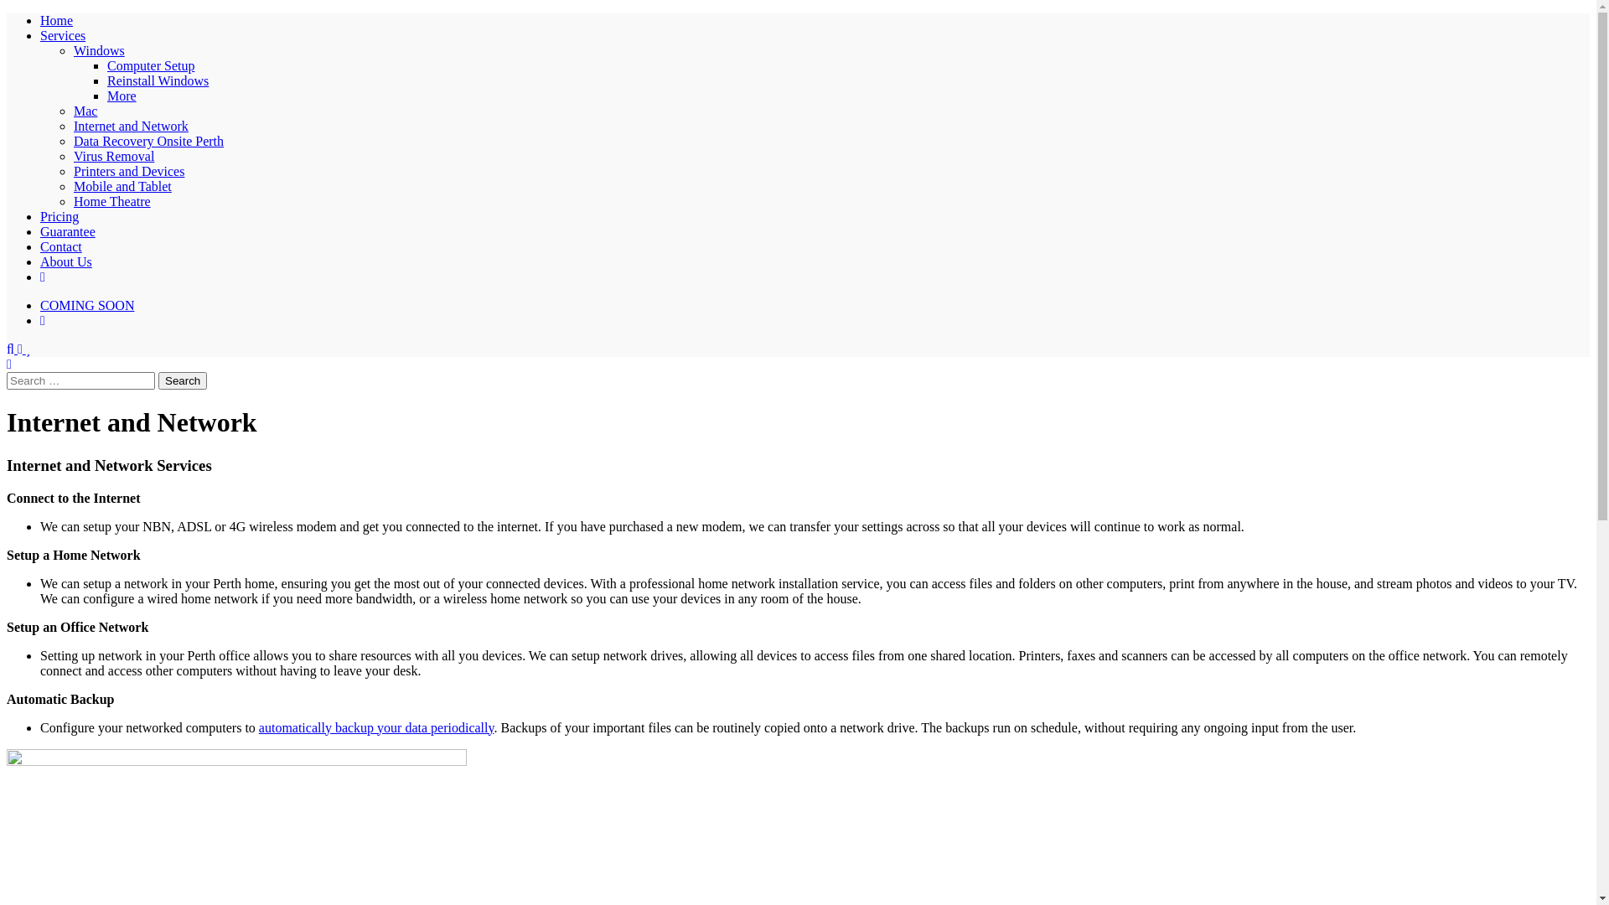 The width and height of the screenshot is (1609, 905). Describe the element at coordinates (63, 35) in the screenshot. I see `'Services'` at that location.